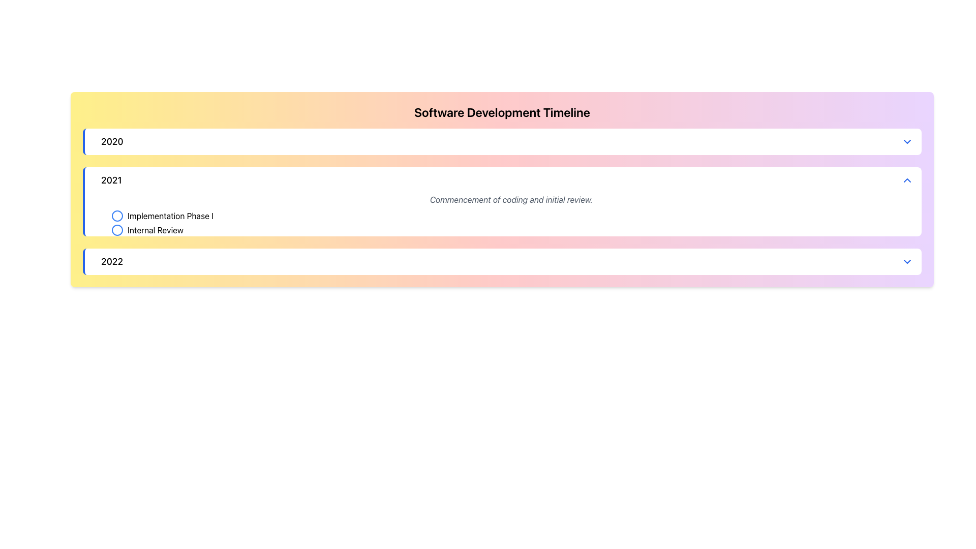 The width and height of the screenshot is (976, 549). I want to click on the circular icon located immediately to the left of the text 'Internal Review' in the timeline under the '2021' heading, so click(117, 230).